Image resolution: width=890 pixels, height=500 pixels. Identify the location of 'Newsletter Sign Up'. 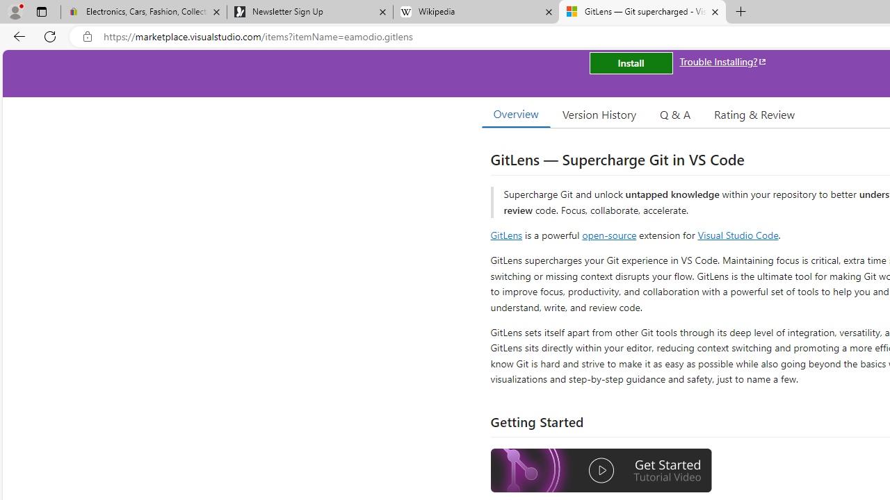
(309, 12).